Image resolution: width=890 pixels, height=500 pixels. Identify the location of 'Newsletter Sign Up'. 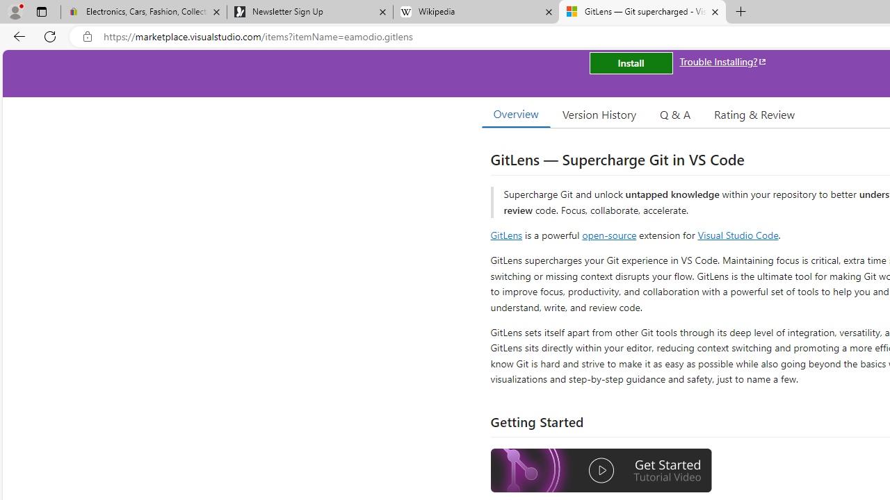
(309, 12).